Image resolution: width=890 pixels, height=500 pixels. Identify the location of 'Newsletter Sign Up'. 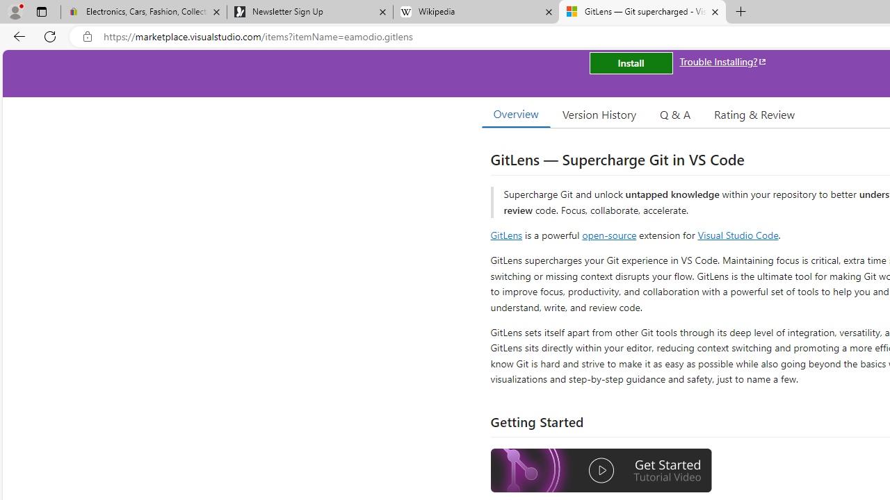
(309, 12).